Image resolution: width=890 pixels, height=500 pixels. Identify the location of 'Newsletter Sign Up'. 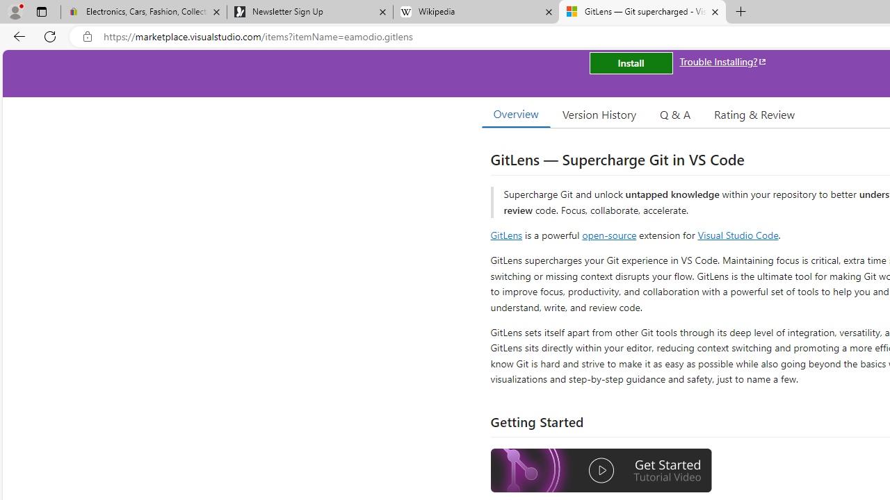
(309, 12).